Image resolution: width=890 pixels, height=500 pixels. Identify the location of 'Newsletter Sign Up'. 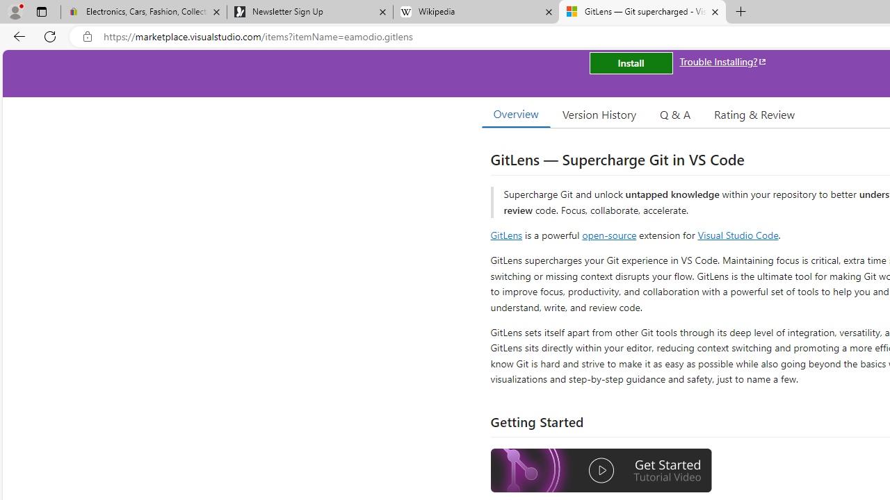
(309, 12).